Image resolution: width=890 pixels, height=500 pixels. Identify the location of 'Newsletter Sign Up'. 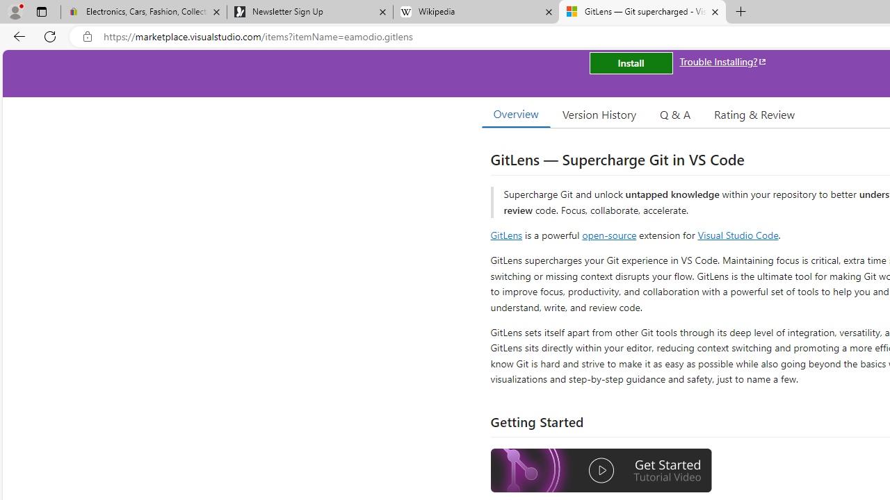
(309, 12).